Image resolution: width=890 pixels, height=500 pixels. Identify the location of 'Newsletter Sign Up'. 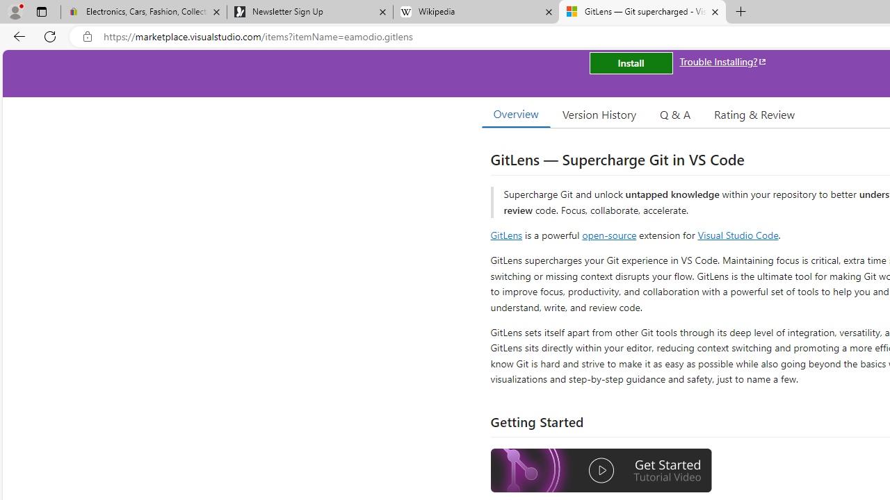
(309, 12).